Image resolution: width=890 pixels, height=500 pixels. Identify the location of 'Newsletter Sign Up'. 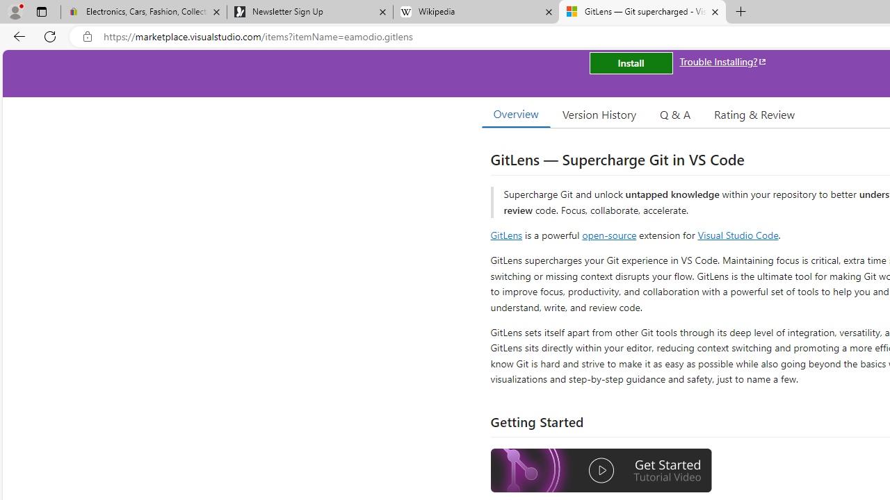
(309, 12).